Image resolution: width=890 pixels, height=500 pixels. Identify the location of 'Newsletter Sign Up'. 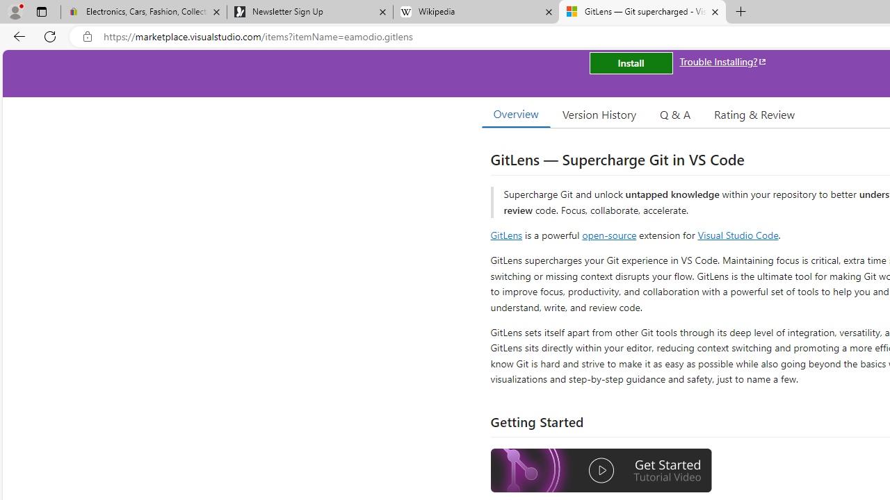
(309, 12).